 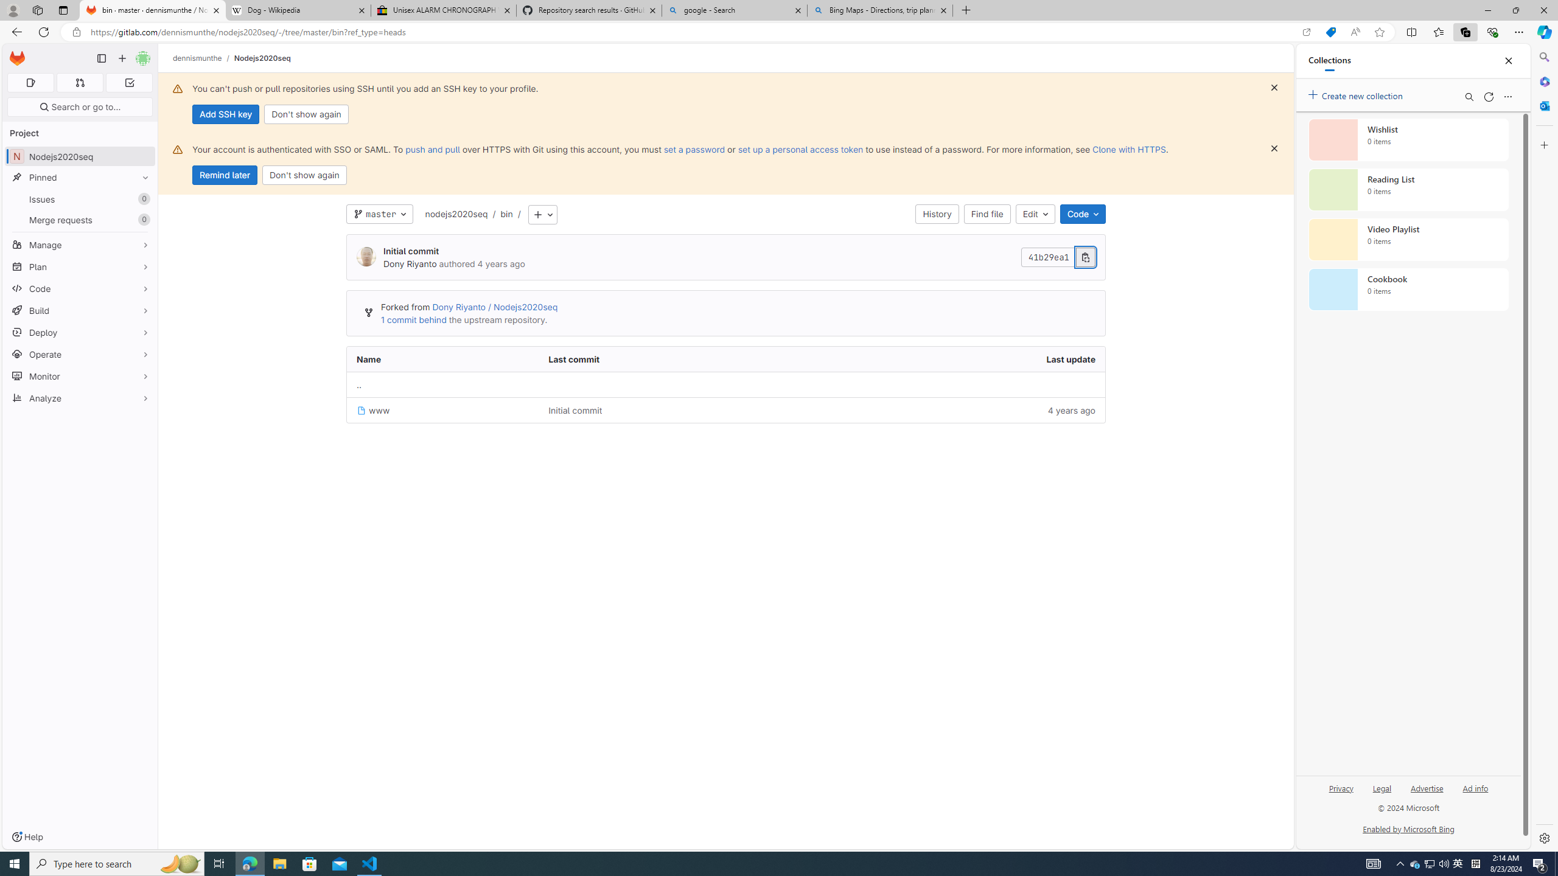 I want to click on 'www', so click(x=442, y=409).